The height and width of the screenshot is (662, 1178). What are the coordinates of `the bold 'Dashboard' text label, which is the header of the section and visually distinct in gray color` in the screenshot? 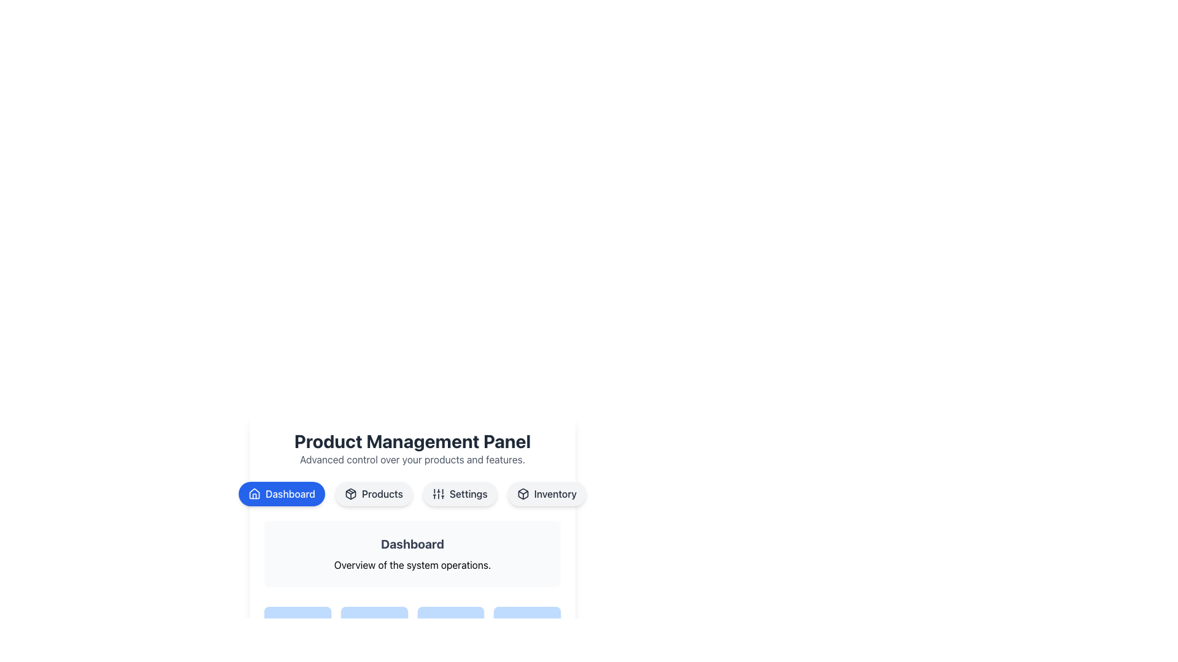 It's located at (412, 543).